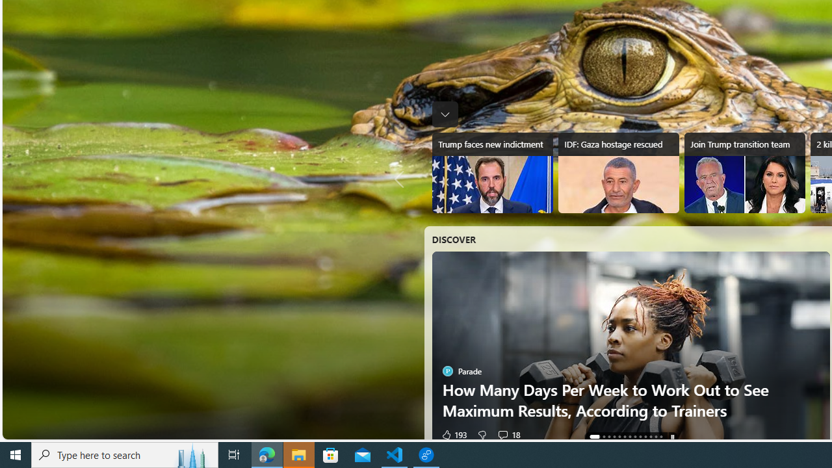 This screenshot has width=832, height=468. I want to click on 'Start the conversation', so click(498, 434).